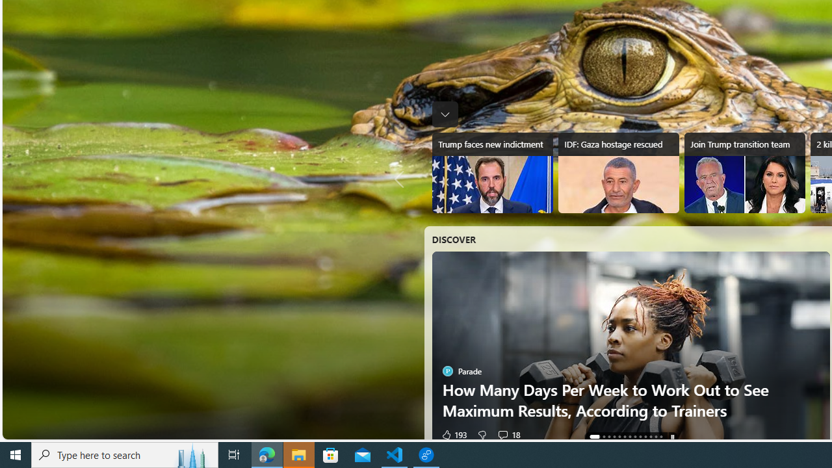 This screenshot has width=832, height=468. I want to click on 'Start the conversation', so click(498, 434).